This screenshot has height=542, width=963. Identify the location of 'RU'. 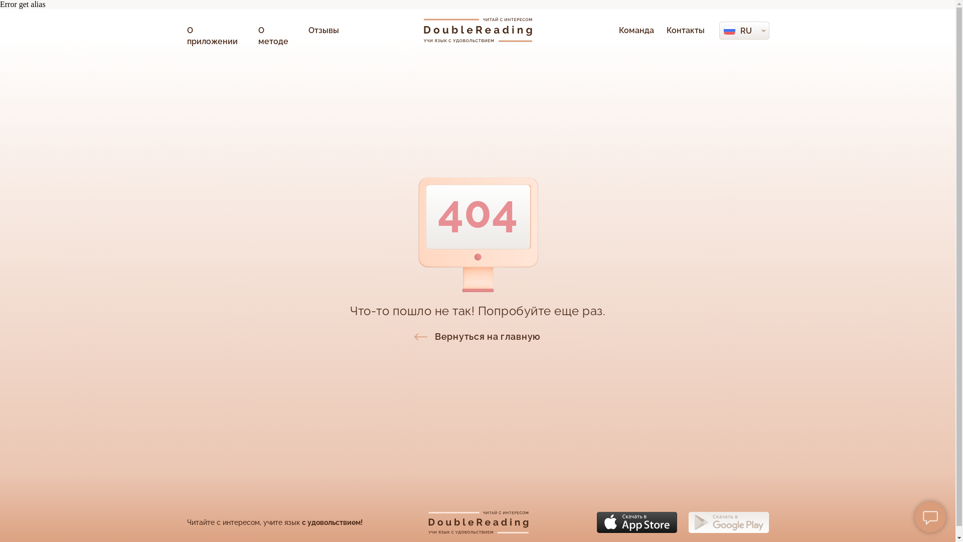
(746, 30).